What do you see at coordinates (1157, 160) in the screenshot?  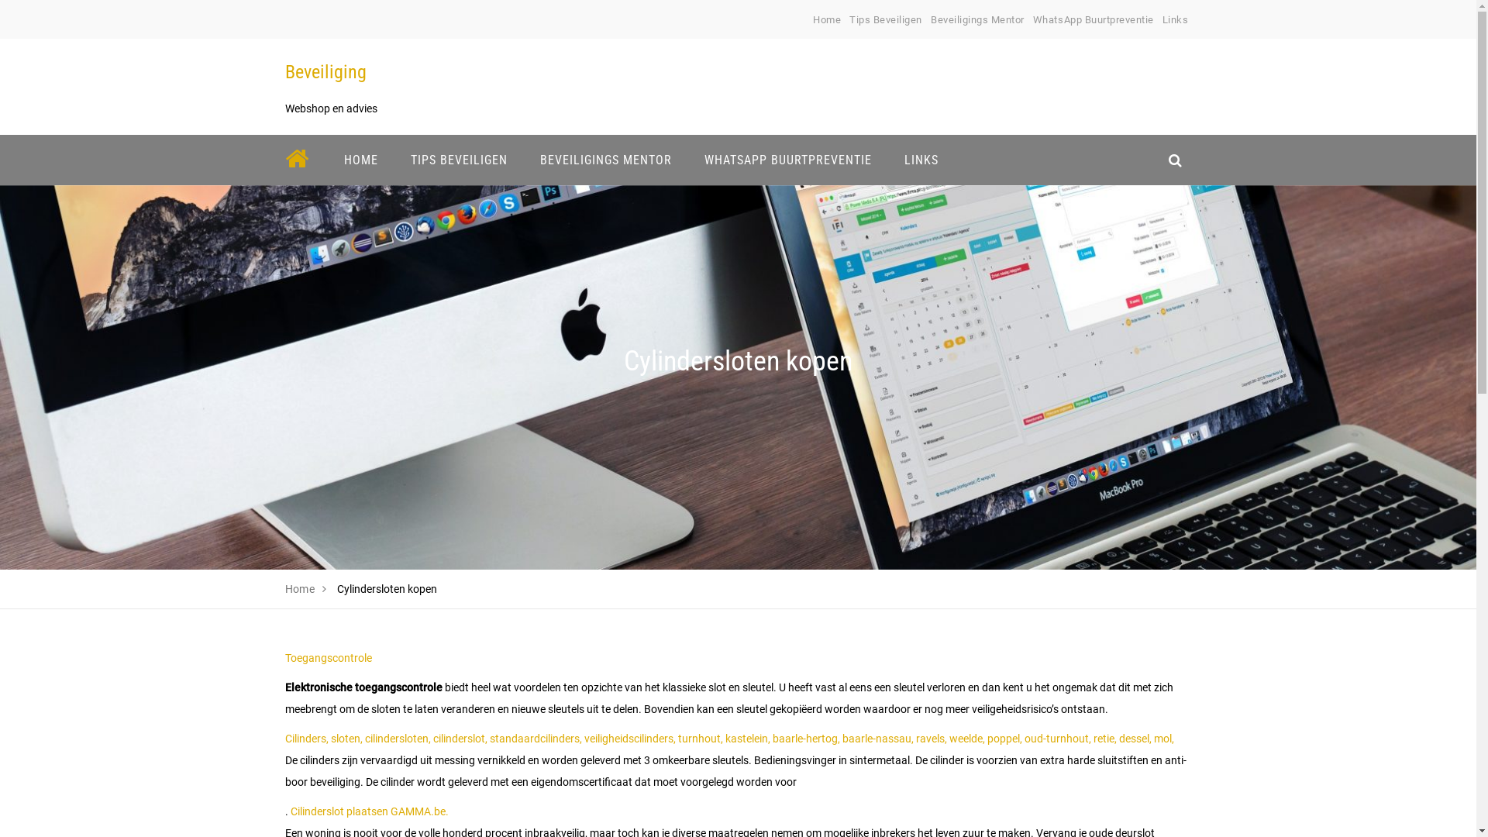 I see `'search_icon'` at bounding box center [1157, 160].